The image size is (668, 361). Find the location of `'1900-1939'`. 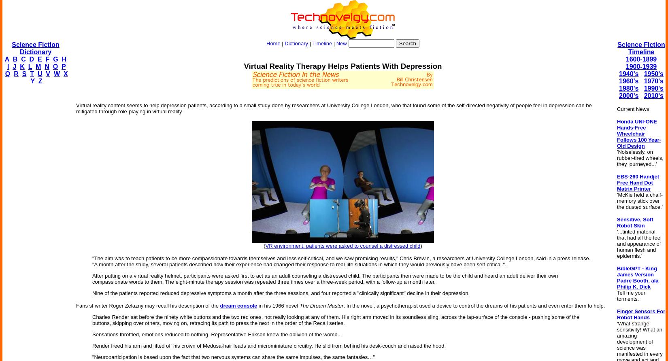

'1900-1939' is located at coordinates (640, 66).